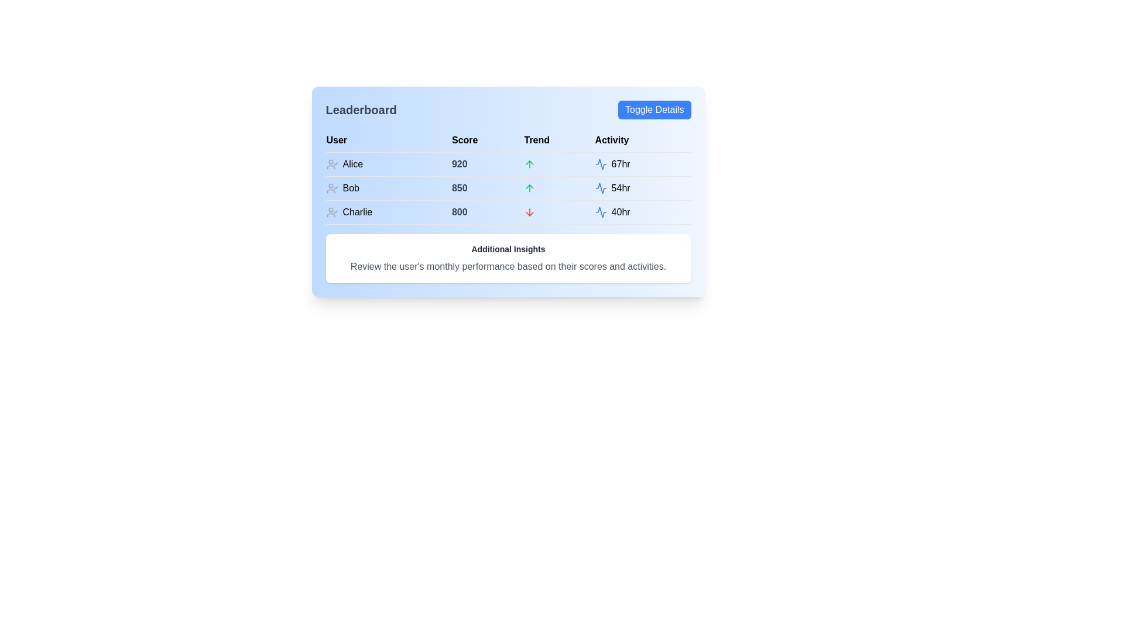 This screenshot has height=632, width=1124. What do you see at coordinates (361, 110) in the screenshot?
I see `the text label element that serves as the title for the leaderboard section, which is positioned at the top-left corner of the UI with 'Toggle Details' to its right` at bounding box center [361, 110].